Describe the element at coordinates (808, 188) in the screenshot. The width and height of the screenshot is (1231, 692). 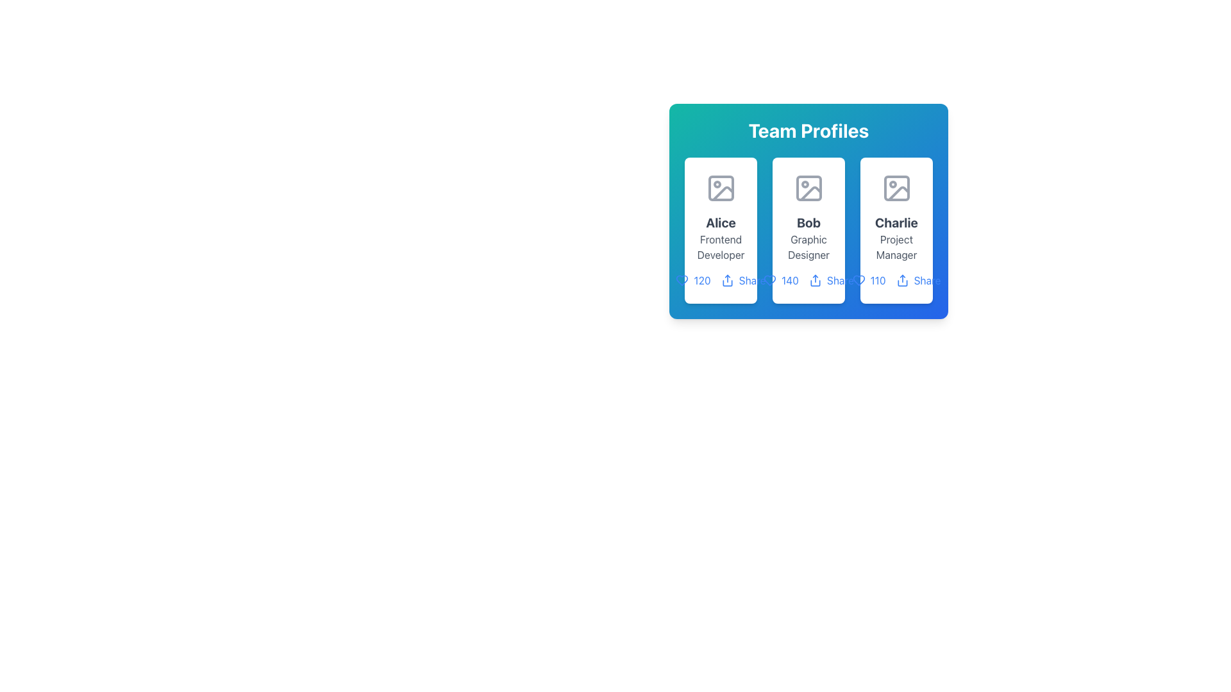
I see `the image placeholder icon located in the second card titled 'Bob', which represents a graphic designer, positioned at the top of the card` at that location.